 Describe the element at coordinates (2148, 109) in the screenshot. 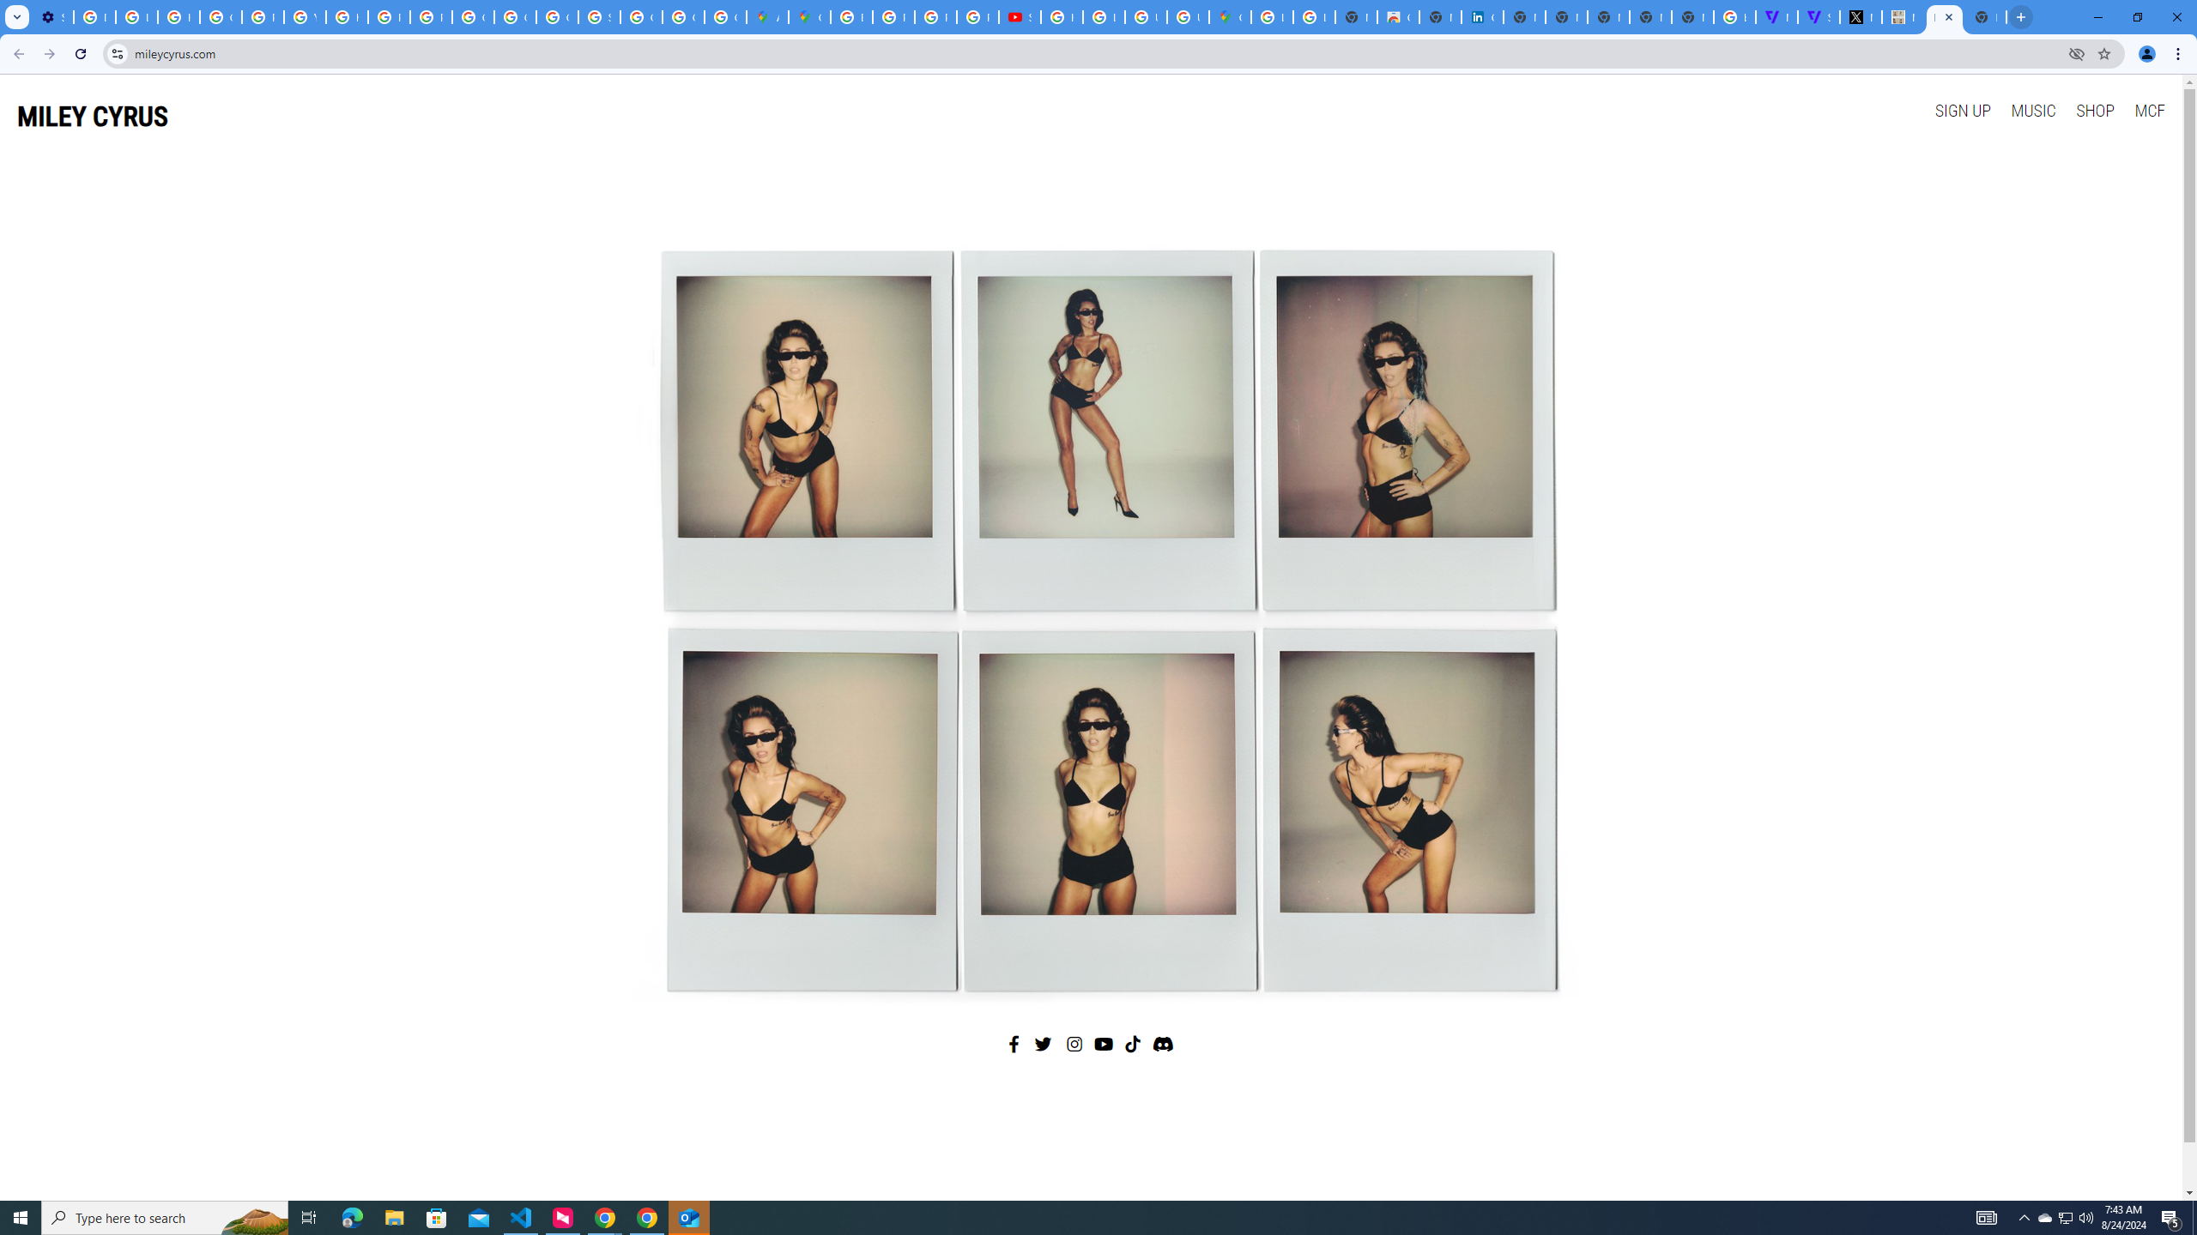

I see `'MCF'` at that location.